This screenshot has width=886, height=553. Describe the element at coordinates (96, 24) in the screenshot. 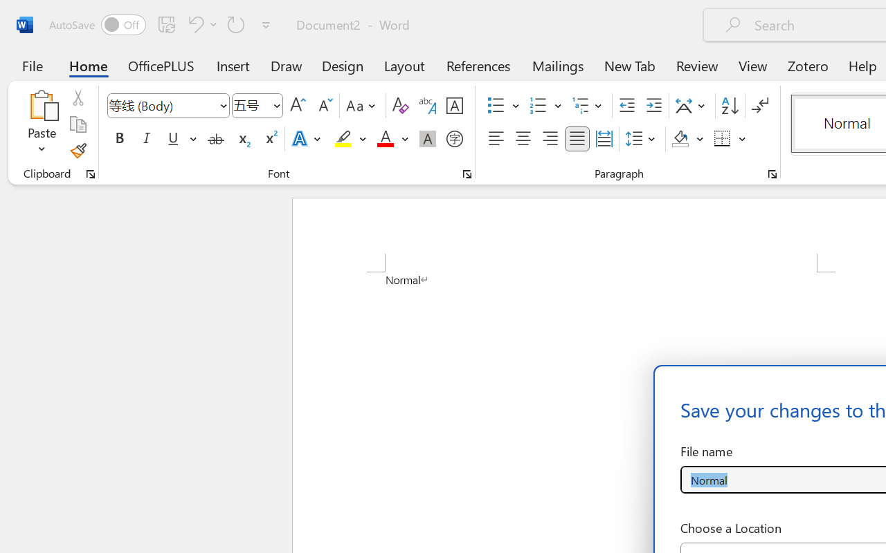

I see `'AutoSave'` at that location.